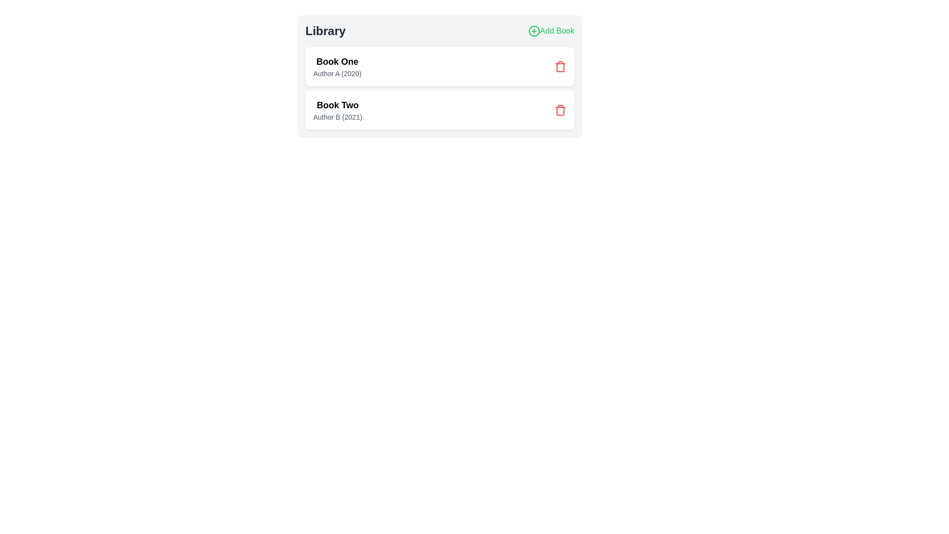 This screenshot has width=949, height=534. I want to click on the list item containing 'Book Two' under the 'Library' heading, so click(338, 110).